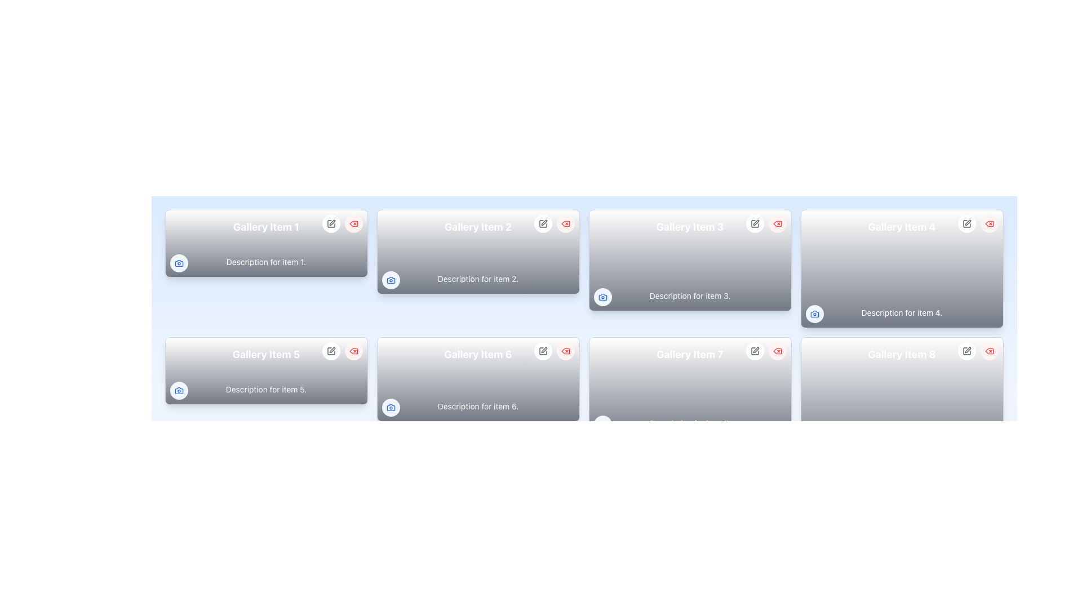  Describe the element at coordinates (777, 351) in the screenshot. I see `the delete Icon button located at the top-right corner of 'Gallery Item 7'` at that location.